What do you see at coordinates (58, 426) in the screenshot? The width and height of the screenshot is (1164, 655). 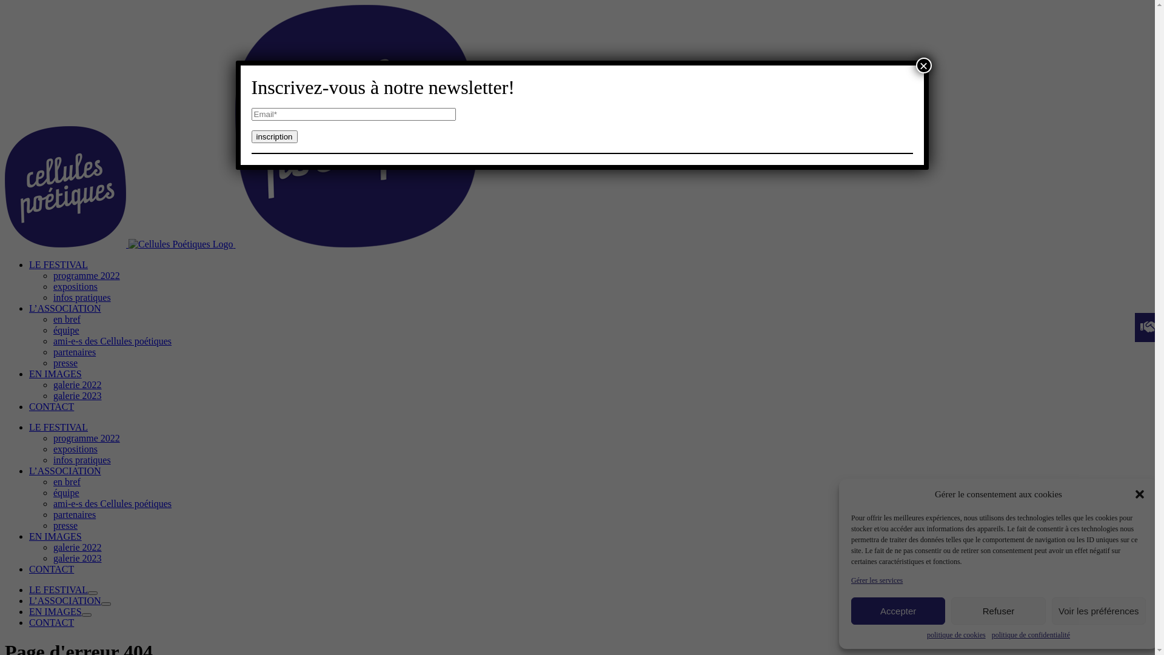 I see `'LE FESTIVAL'` at bounding box center [58, 426].